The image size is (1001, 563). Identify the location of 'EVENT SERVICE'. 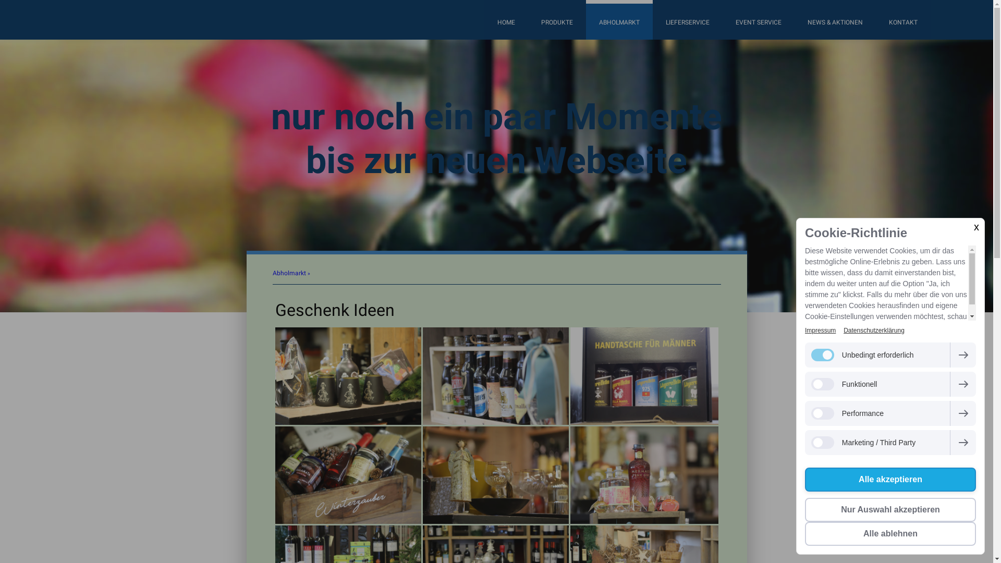
(758, 20).